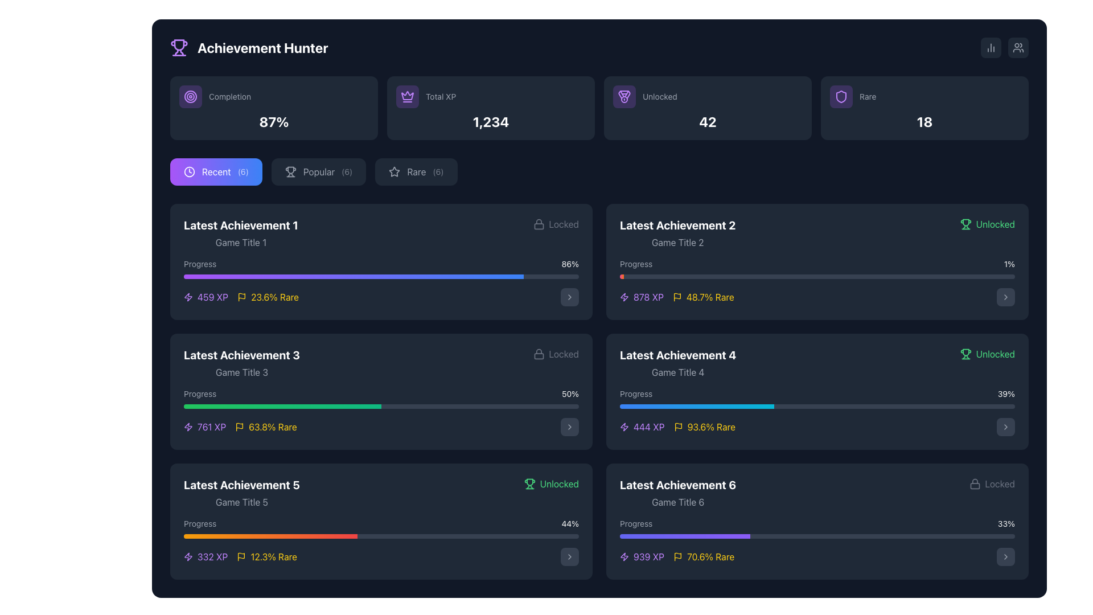  What do you see at coordinates (707, 121) in the screenshot?
I see `the numerical summary text indicating the number of unlocked achievements` at bounding box center [707, 121].